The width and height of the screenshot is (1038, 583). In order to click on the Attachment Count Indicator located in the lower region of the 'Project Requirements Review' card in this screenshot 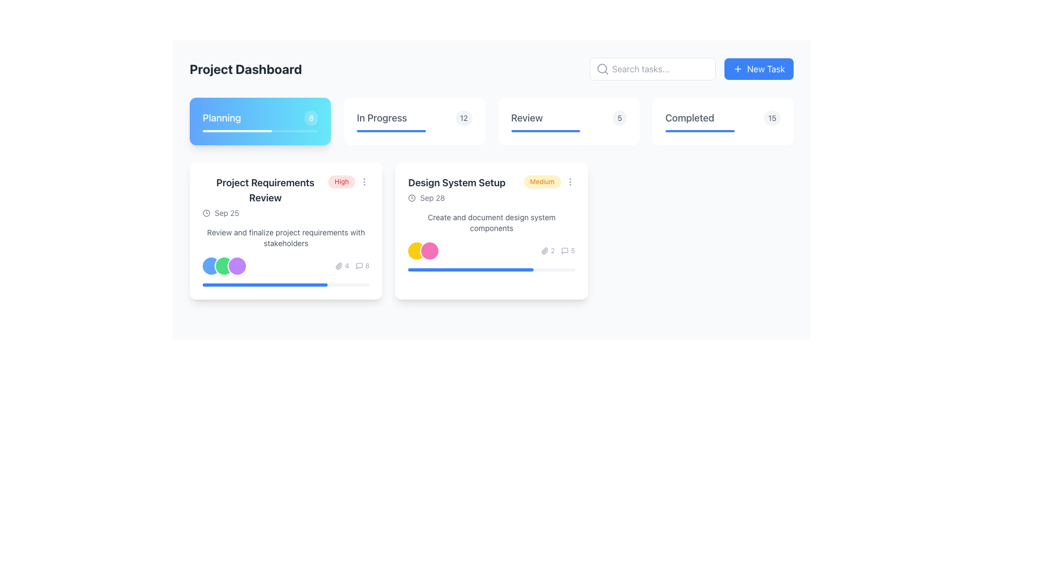, I will do `click(341, 266)`.